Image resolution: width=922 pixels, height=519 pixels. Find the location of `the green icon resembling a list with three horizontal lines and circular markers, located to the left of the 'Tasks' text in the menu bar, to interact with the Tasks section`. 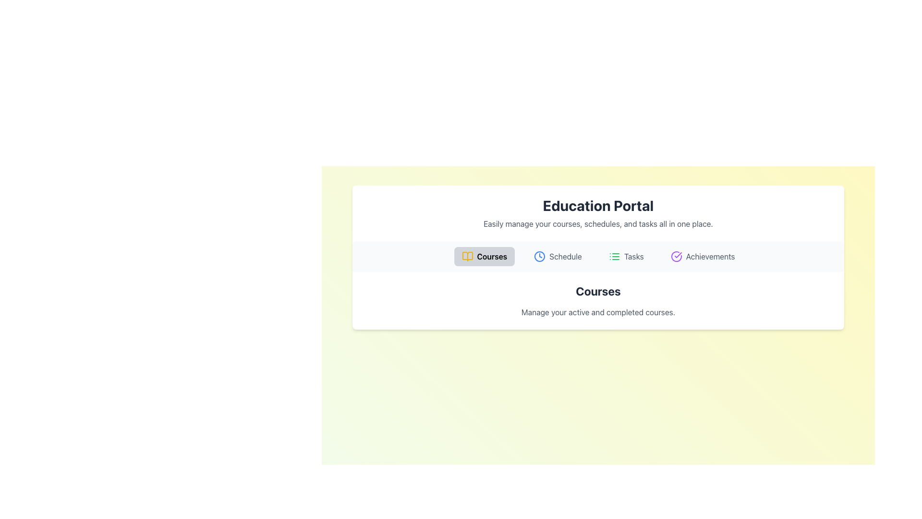

the green icon resembling a list with three horizontal lines and circular markers, located to the left of the 'Tasks' text in the menu bar, to interact with the Tasks section is located at coordinates (614, 256).